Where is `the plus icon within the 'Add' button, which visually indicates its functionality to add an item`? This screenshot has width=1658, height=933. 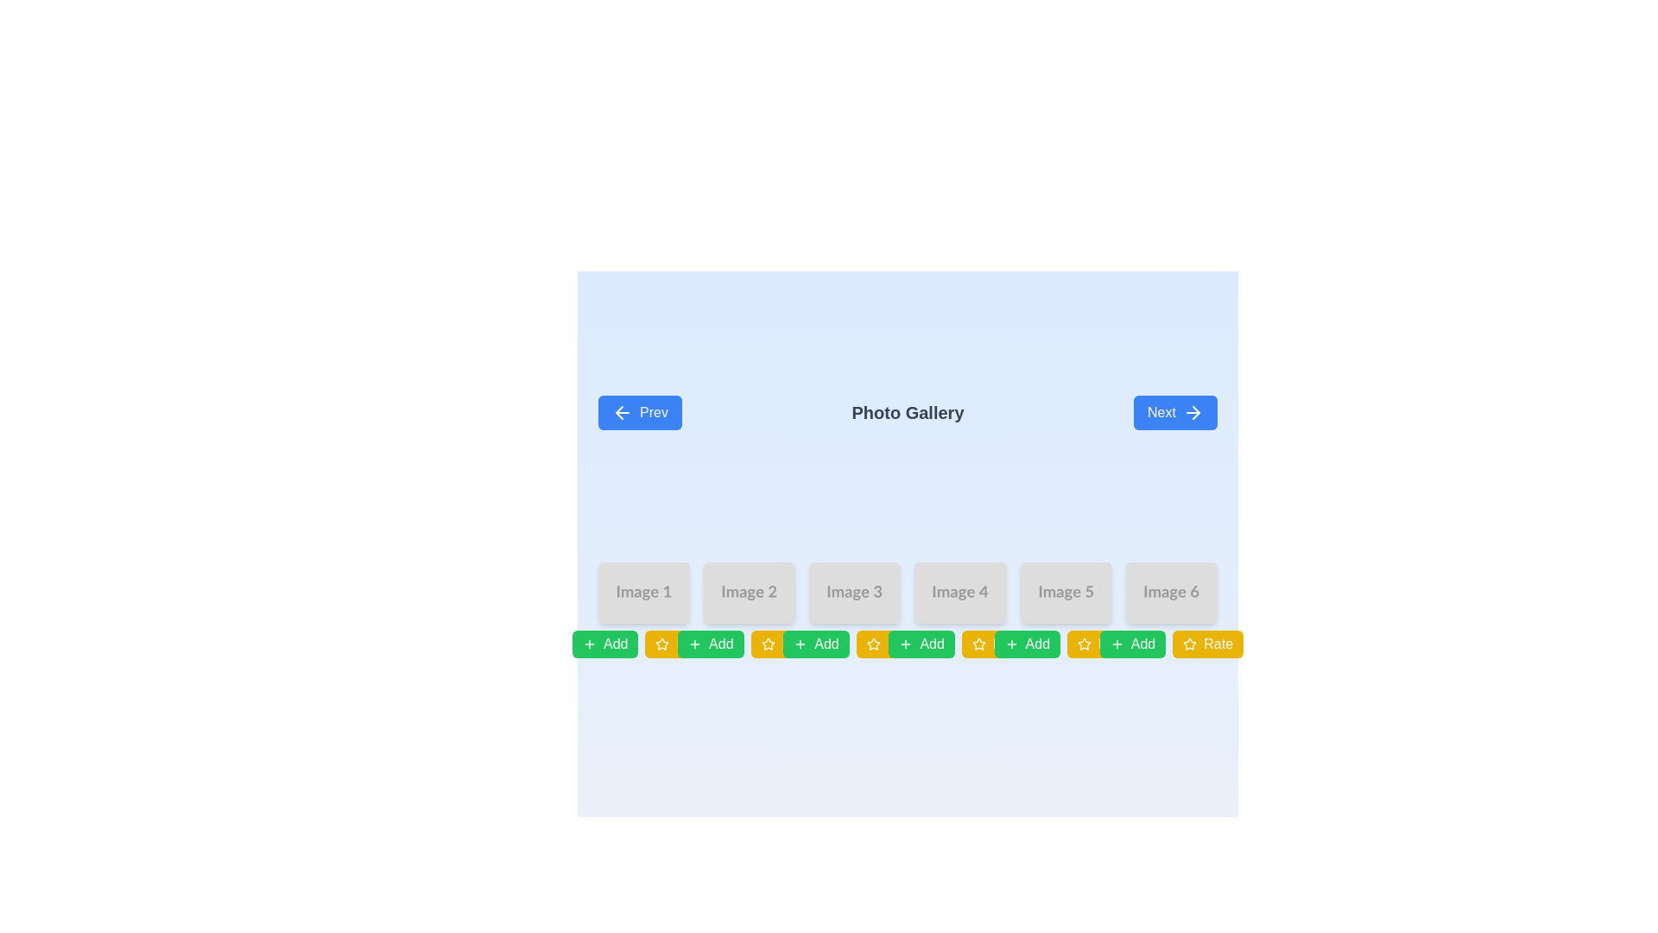 the plus icon within the 'Add' button, which visually indicates its functionality to add an item is located at coordinates (695, 644).